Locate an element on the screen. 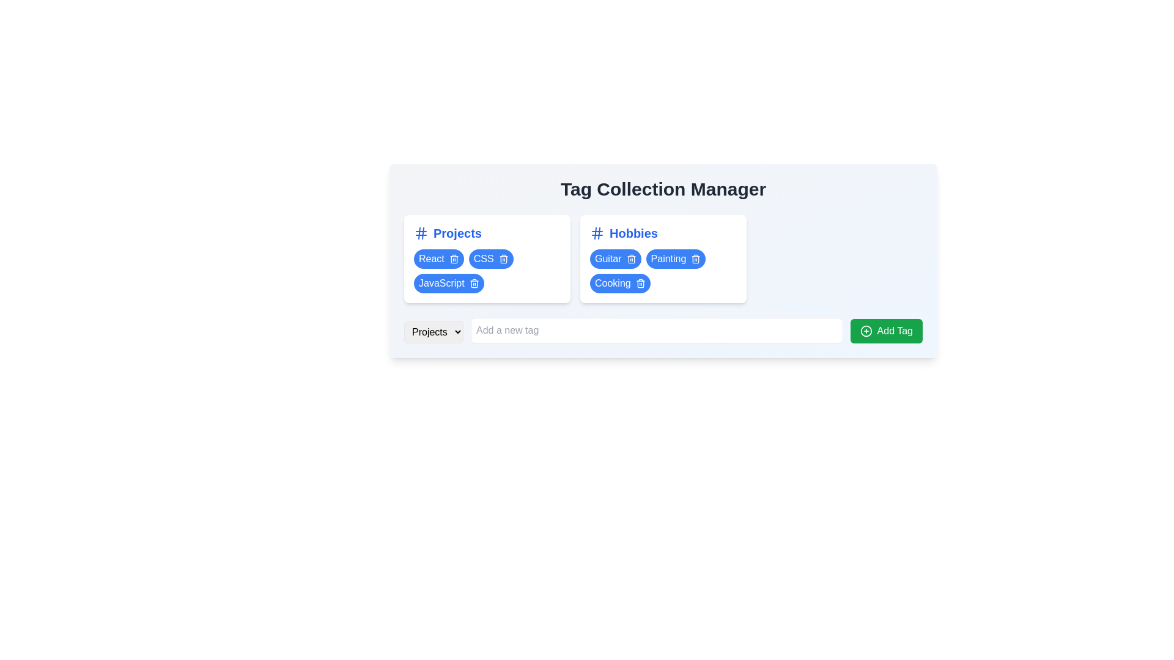  the button that allows users to add a new tag to the list is located at coordinates (886, 331).